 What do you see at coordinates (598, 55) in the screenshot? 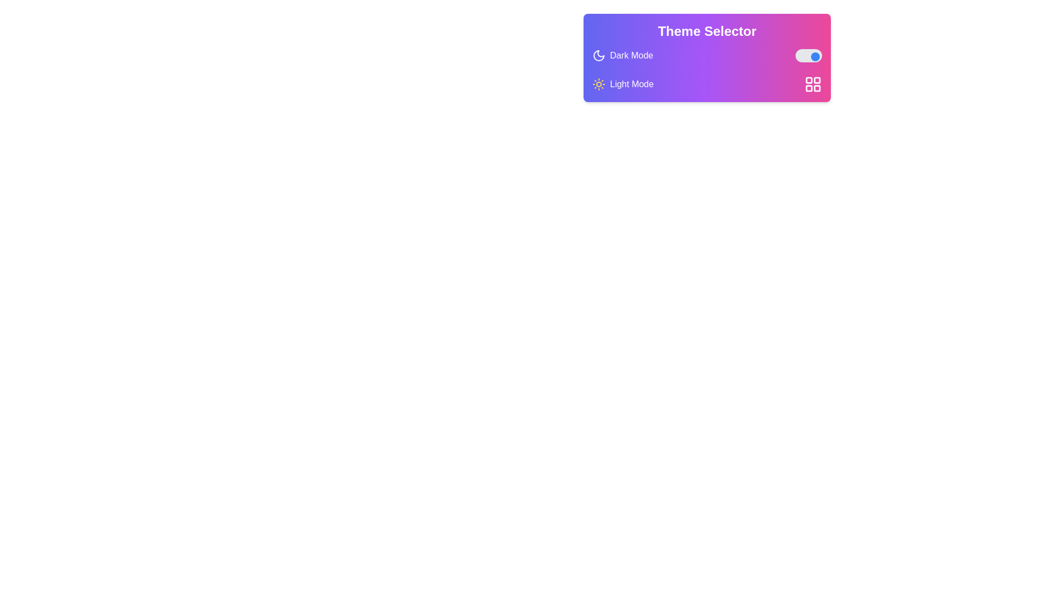
I see `the circular crescent moon icon with a white stroke in the 'Dark Mode' section of the Theme Selector interface` at bounding box center [598, 55].